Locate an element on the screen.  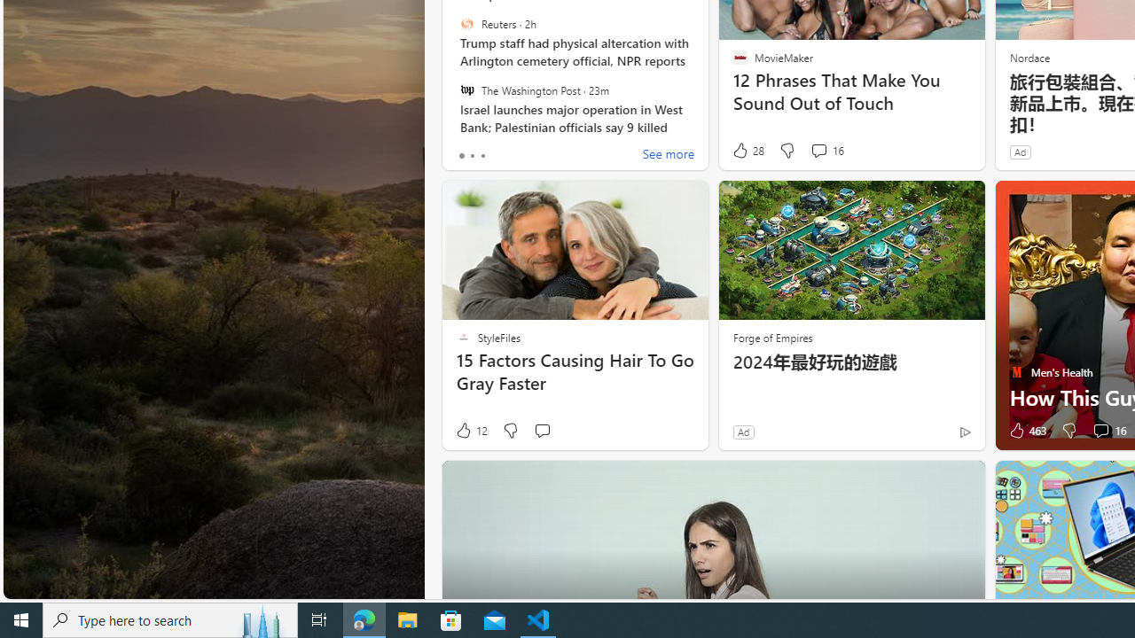
'The Washington Post' is located at coordinates (466, 89).